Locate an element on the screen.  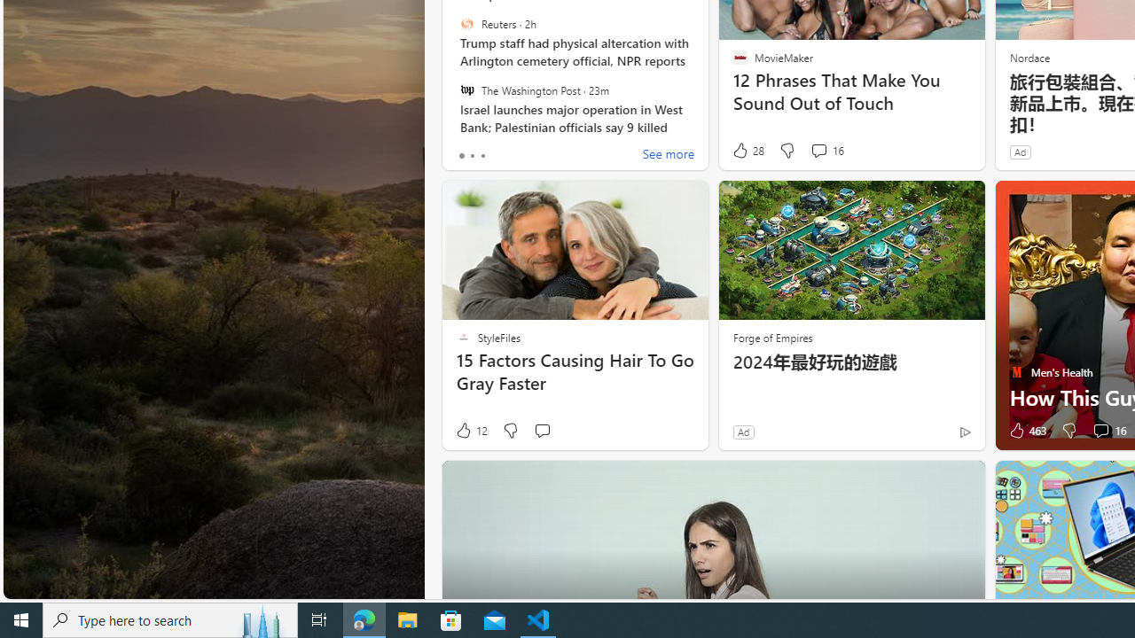
'The Washington Post' is located at coordinates (466, 89).